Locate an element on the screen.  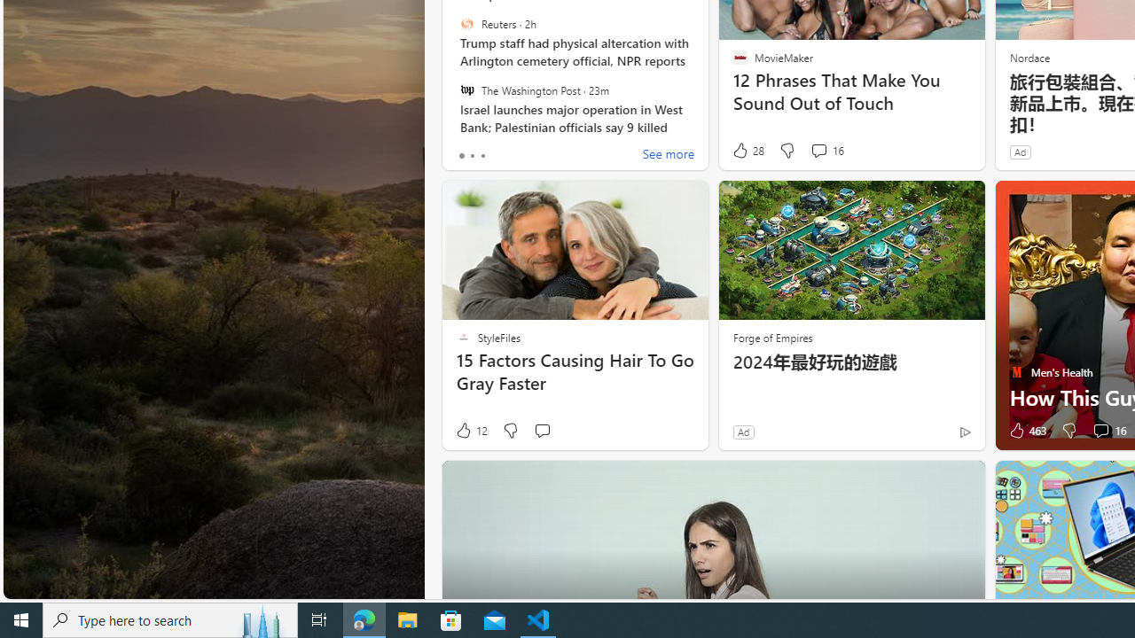
'The Washington Post' is located at coordinates (466, 89).